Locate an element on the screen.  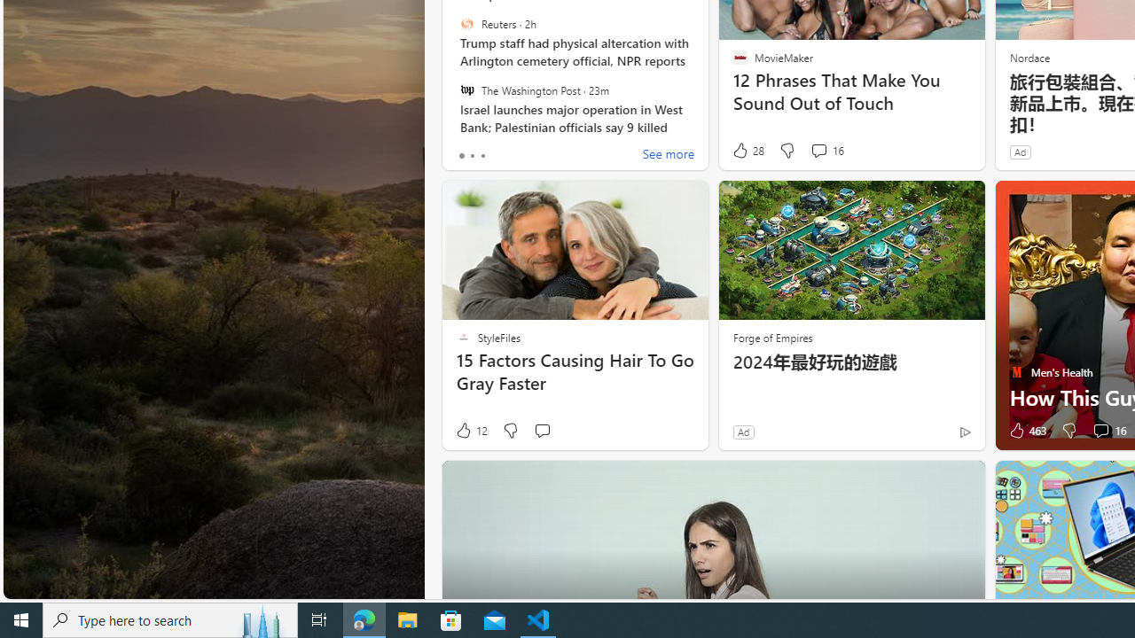
'The Washington Post' is located at coordinates (466, 89).